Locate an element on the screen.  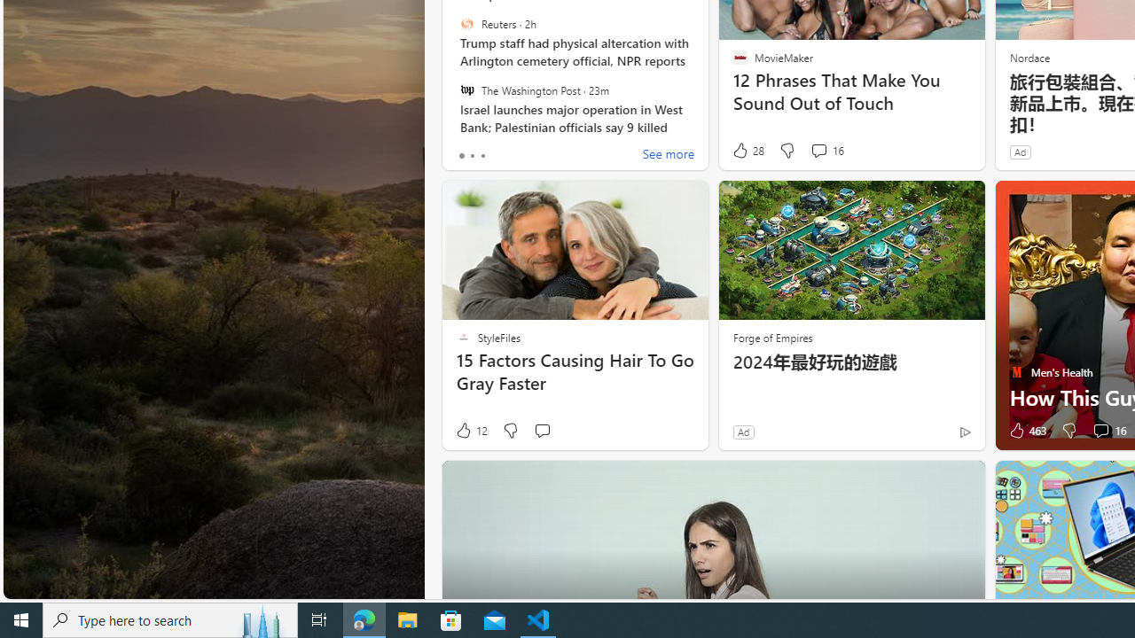
'The Washington Post' is located at coordinates (466, 89).